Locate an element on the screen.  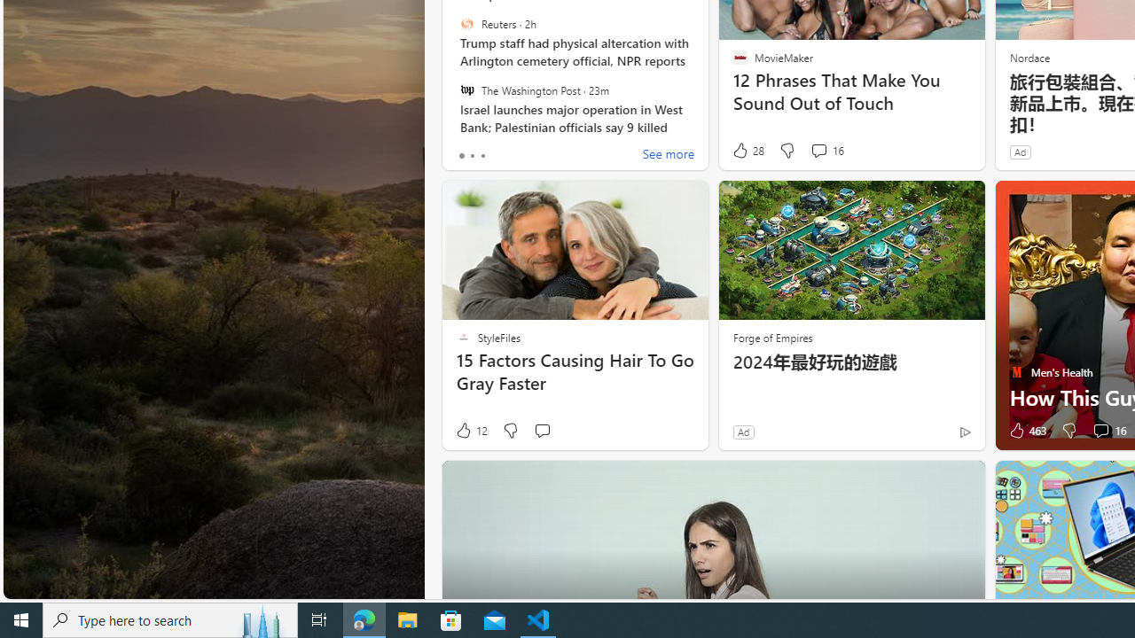
'The Washington Post' is located at coordinates (466, 89).